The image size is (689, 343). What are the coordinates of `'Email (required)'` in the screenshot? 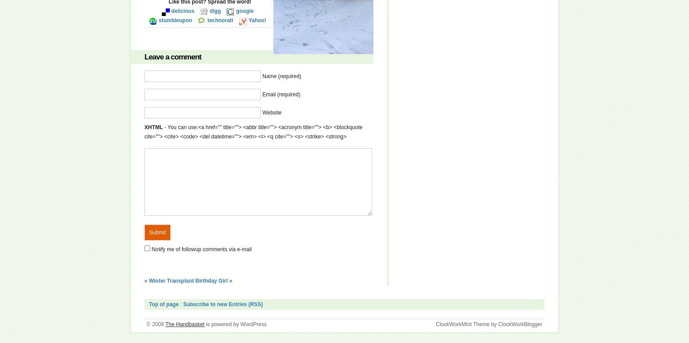 It's located at (262, 94).